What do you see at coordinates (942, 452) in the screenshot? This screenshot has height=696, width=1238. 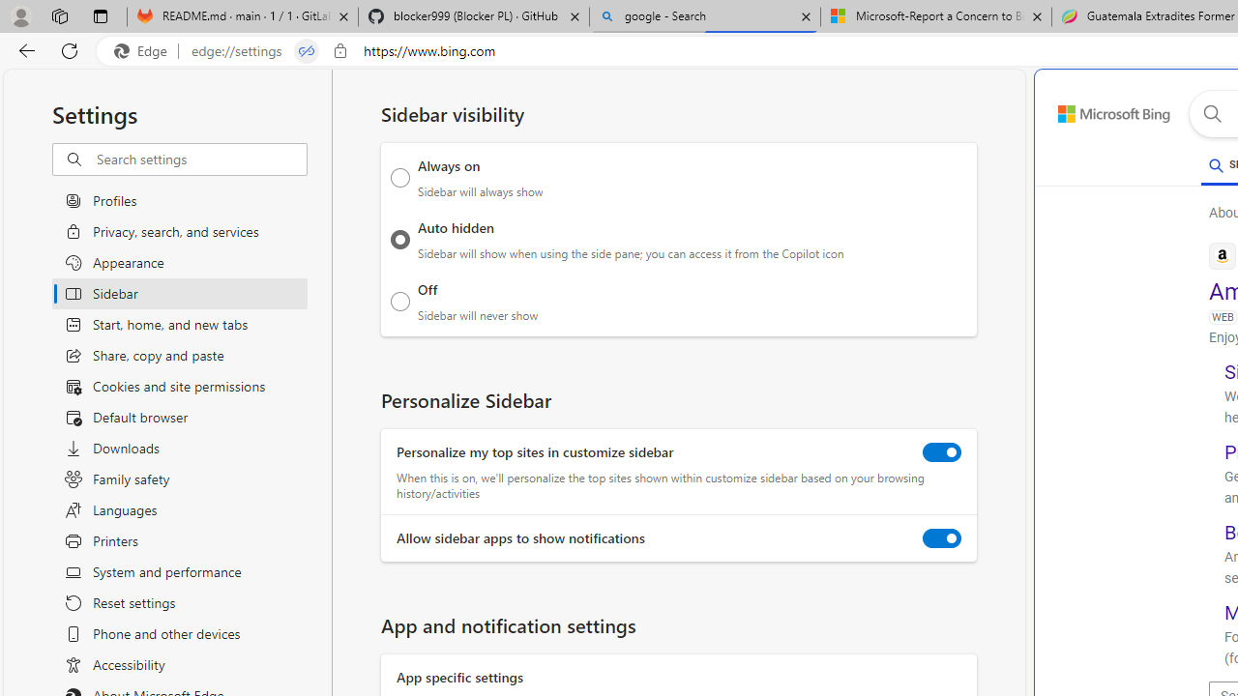 I see `'Personalize my top sites in customize sidebar'` at bounding box center [942, 452].